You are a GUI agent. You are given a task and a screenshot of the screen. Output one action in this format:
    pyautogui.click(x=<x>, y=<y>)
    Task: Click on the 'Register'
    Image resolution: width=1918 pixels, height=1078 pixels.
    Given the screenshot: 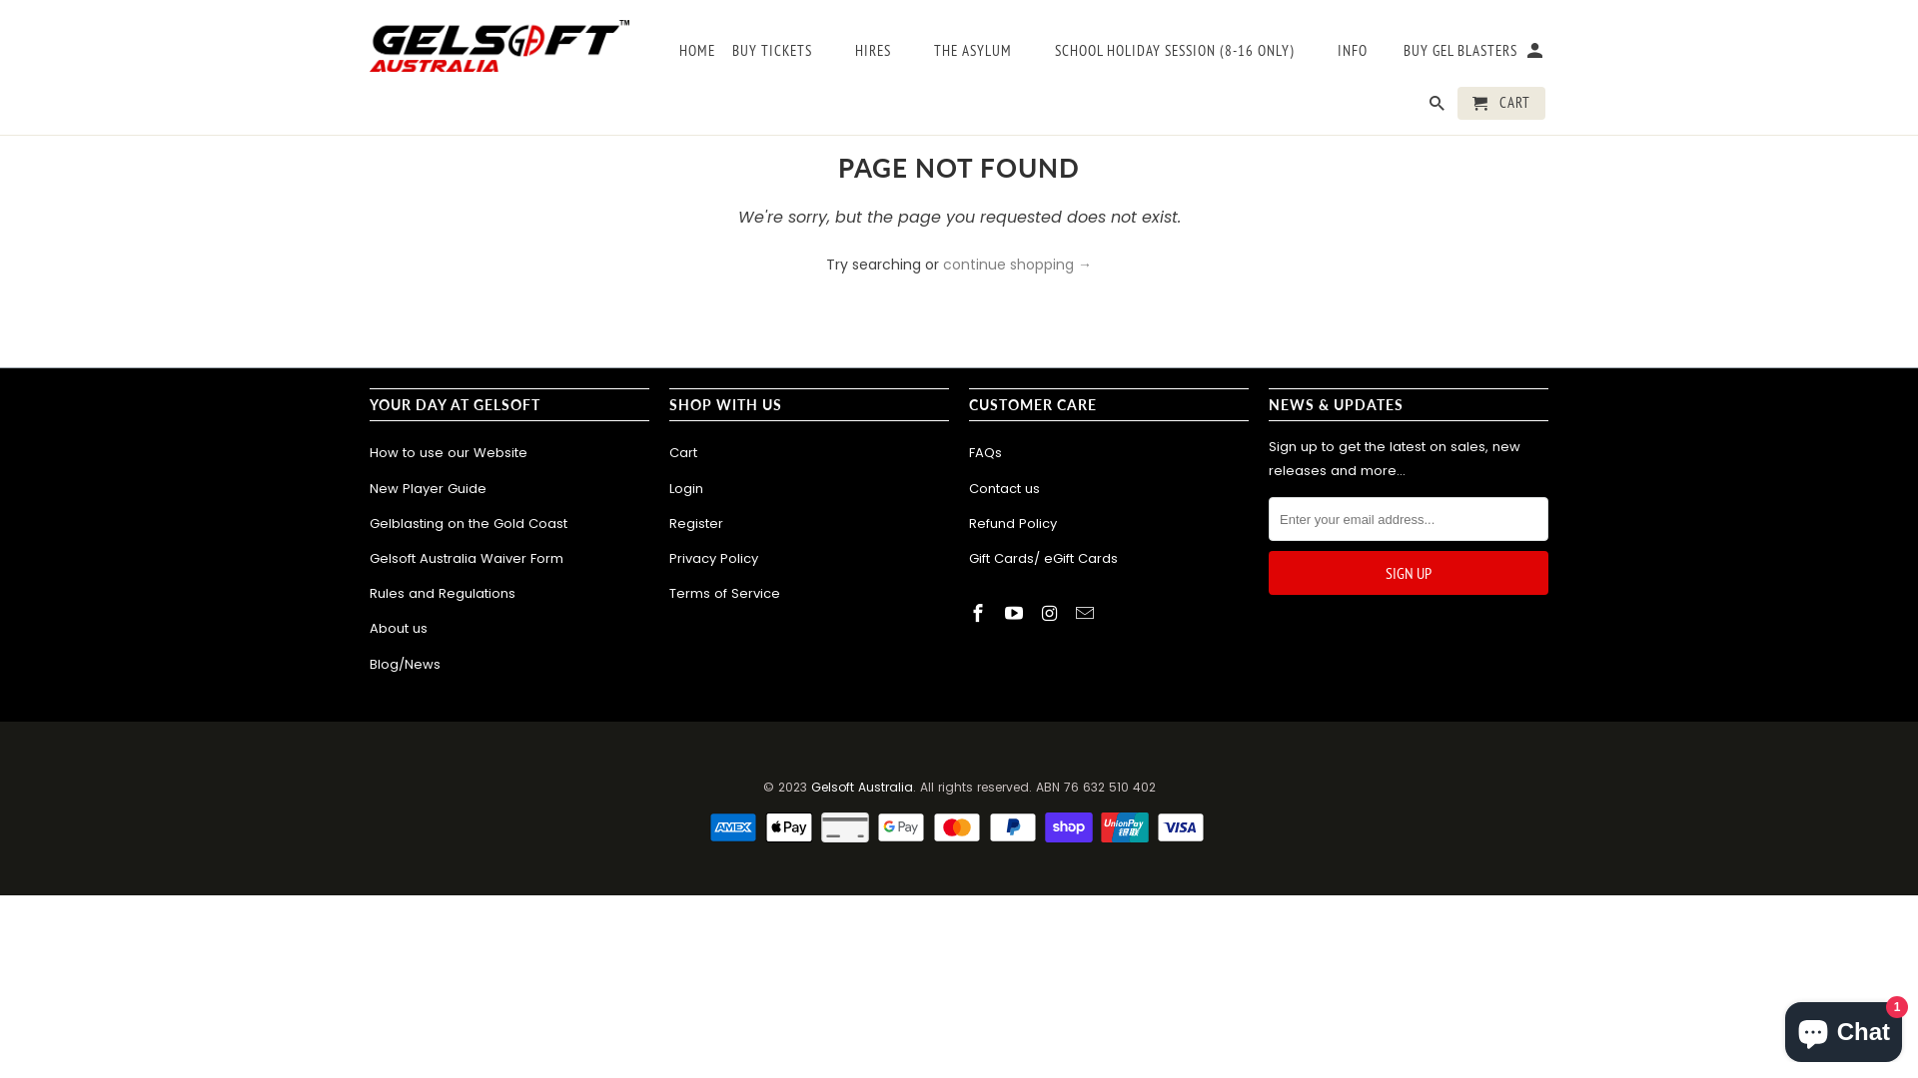 What is the action you would take?
    pyautogui.click(x=669, y=522)
    